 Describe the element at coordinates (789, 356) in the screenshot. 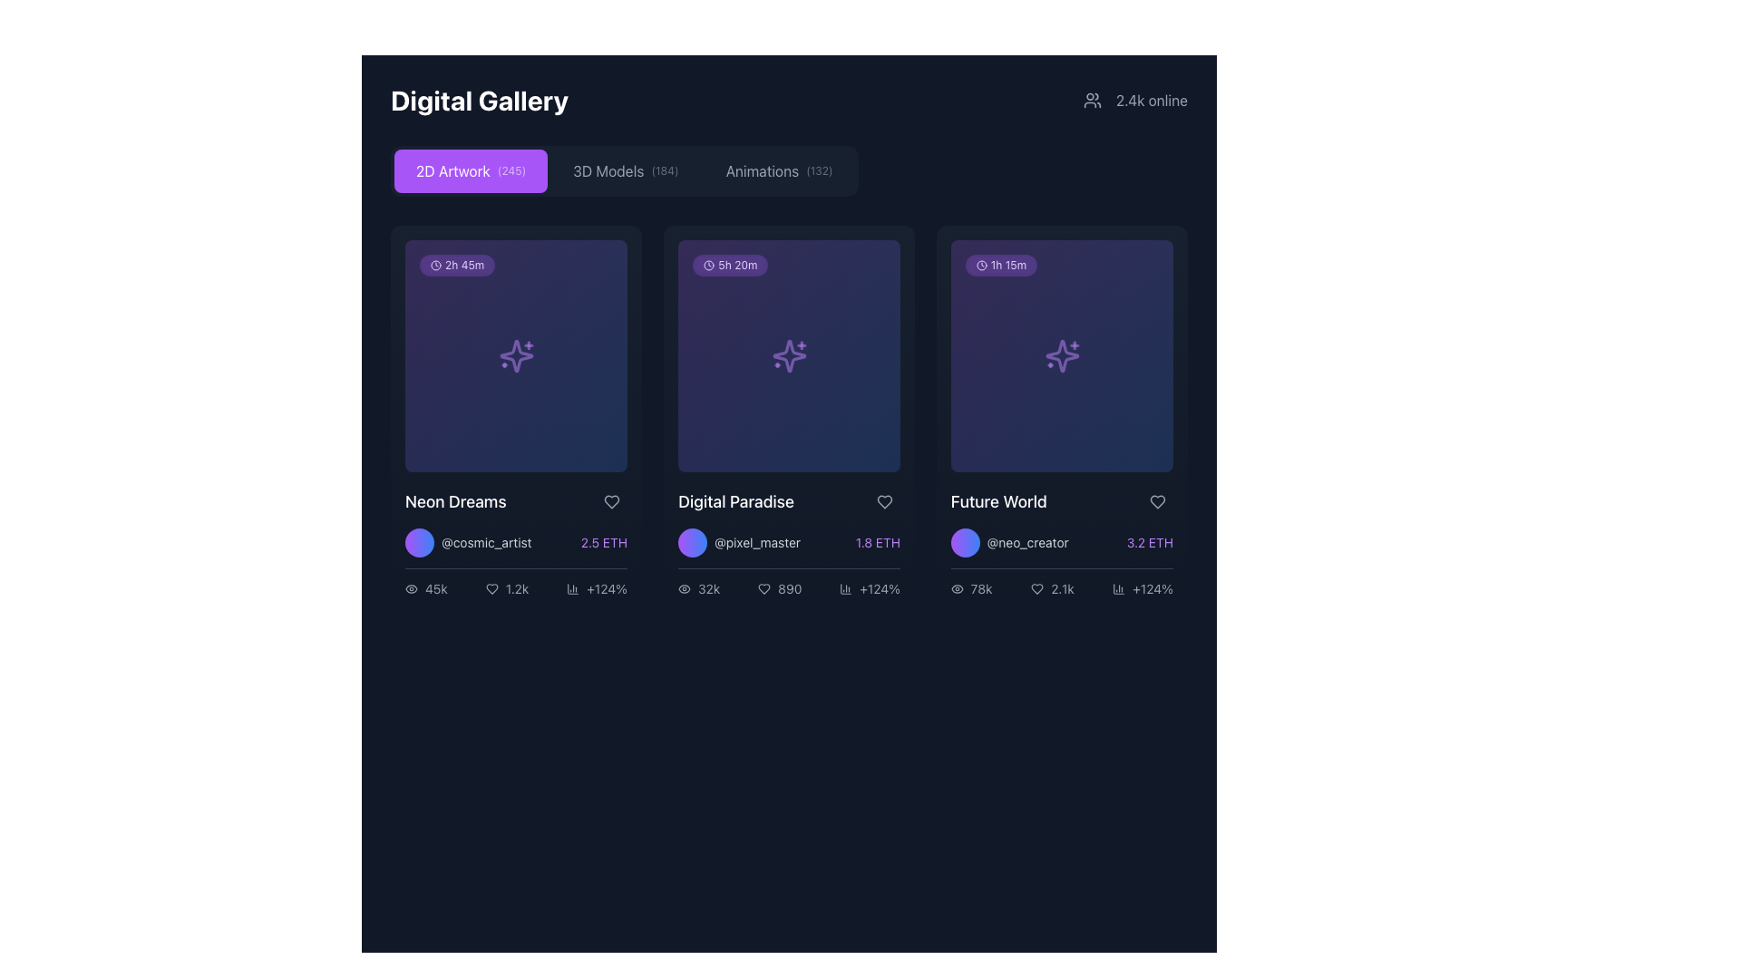

I see `the star icon with sparkles, styled in a gradient purple color, located in the center of the 'Digital Paradise' card in the '2D Artwork' gallery` at that location.